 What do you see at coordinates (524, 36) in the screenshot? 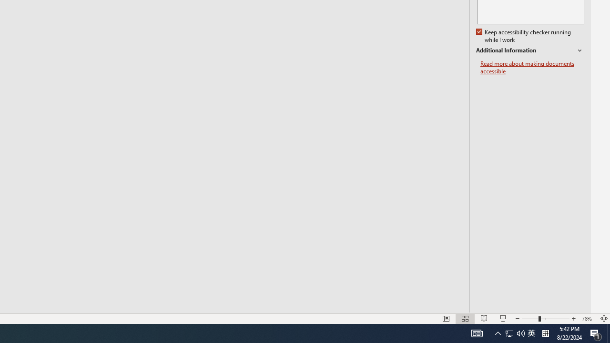
I see `'Keep accessibility checker running while I work'` at bounding box center [524, 36].